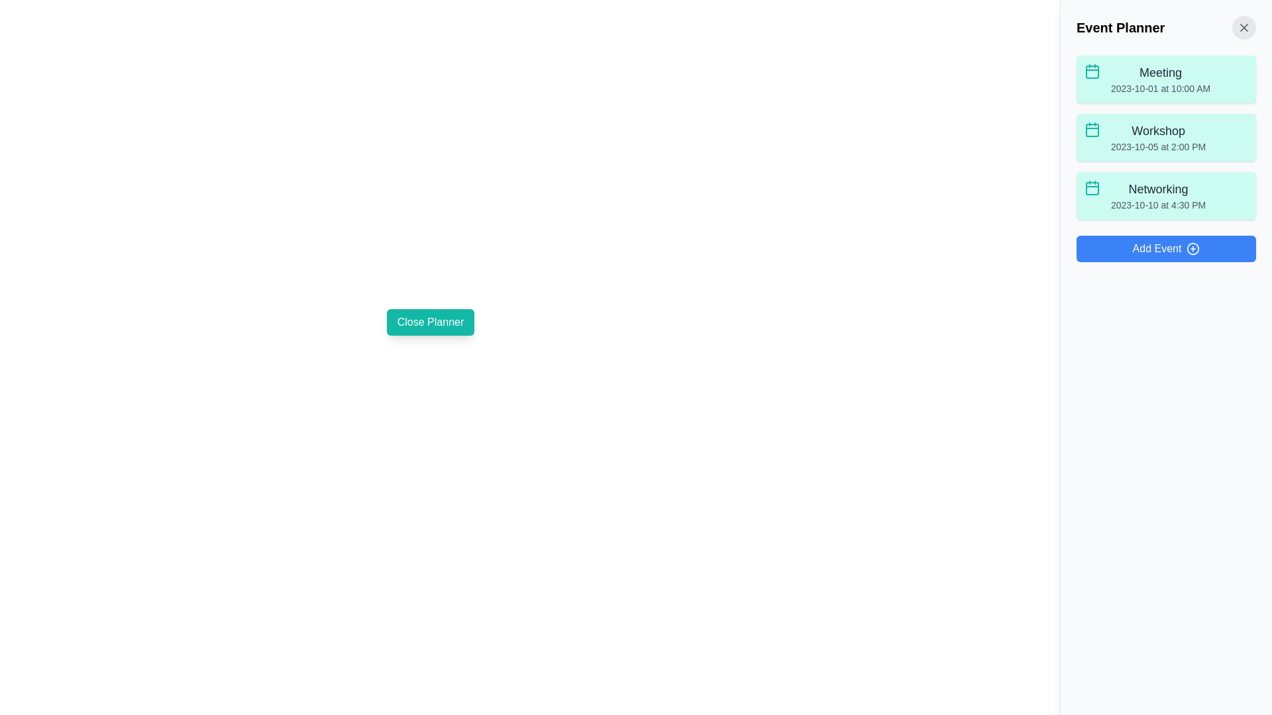  I want to click on the icon button located at the top-right corner of the 'Event Planner' section, so click(1243, 28).